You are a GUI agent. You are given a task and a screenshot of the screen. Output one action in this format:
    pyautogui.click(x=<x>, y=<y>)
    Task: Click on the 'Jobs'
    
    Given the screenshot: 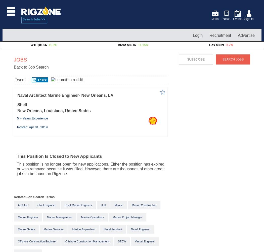 What is the action you would take?
    pyautogui.click(x=215, y=19)
    